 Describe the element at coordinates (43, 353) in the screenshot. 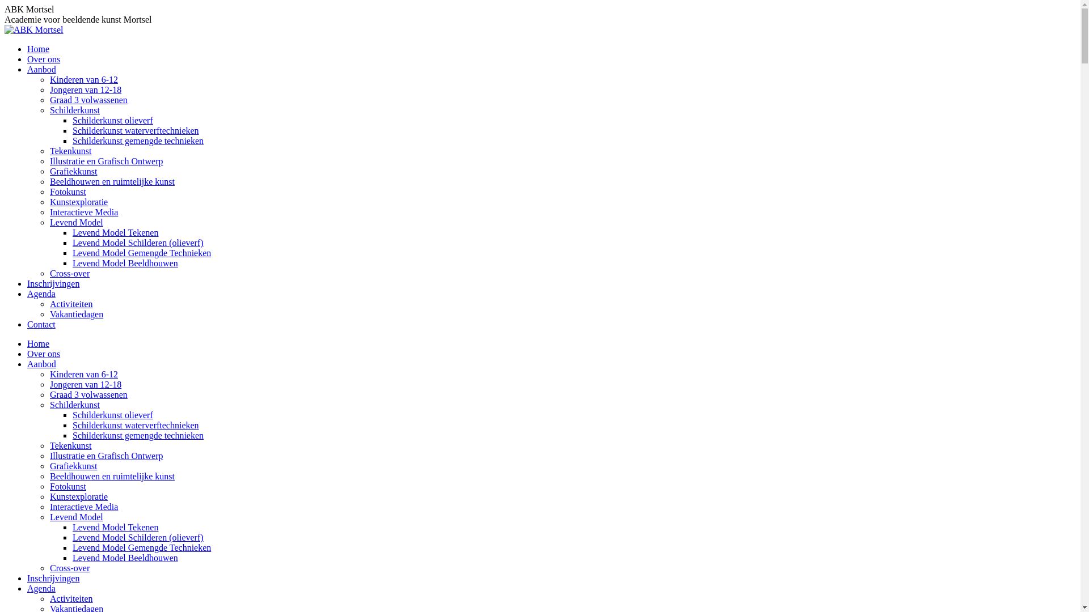

I see `'Over ons'` at that location.